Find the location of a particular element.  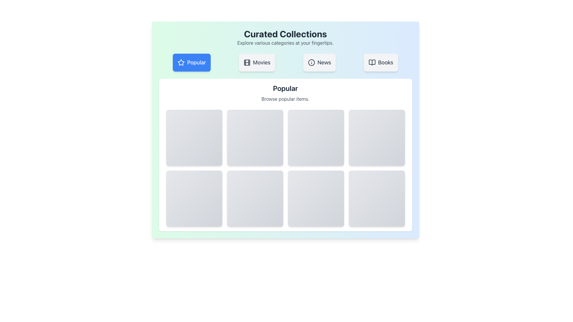

the informational circular icon located on the left side of the 'News' button, which is next to the text label 'News' is located at coordinates (311, 62).